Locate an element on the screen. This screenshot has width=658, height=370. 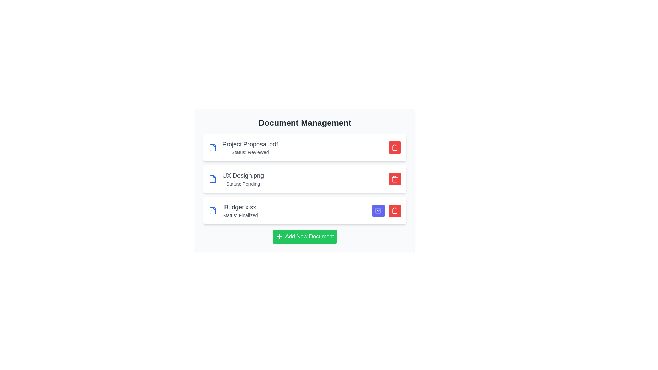
the document name or icon to view its details is located at coordinates (243, 144).